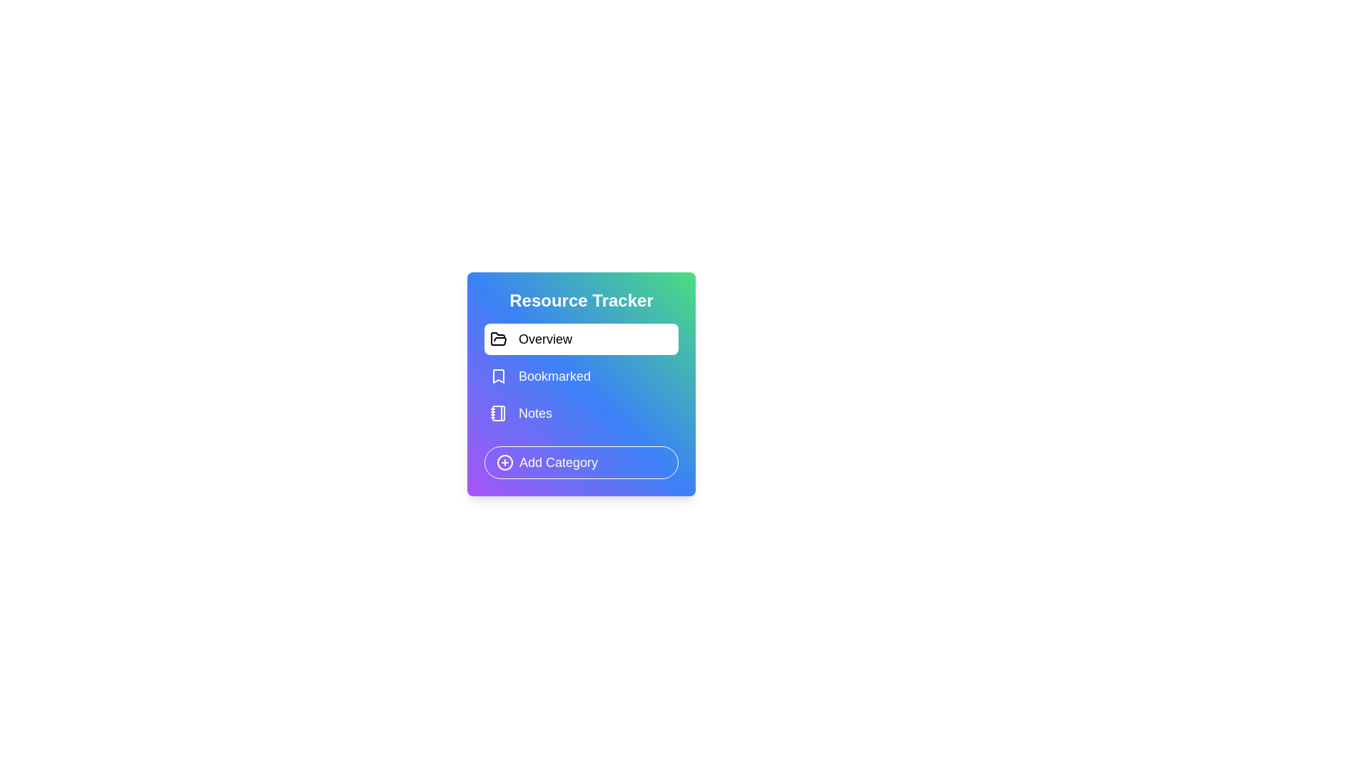 The image size is (1370, 770). What do you see at coordinates (582, 299) in the screenshot?
I see `the 'Resource Tracker' title text` at bounding box center [582, 299].